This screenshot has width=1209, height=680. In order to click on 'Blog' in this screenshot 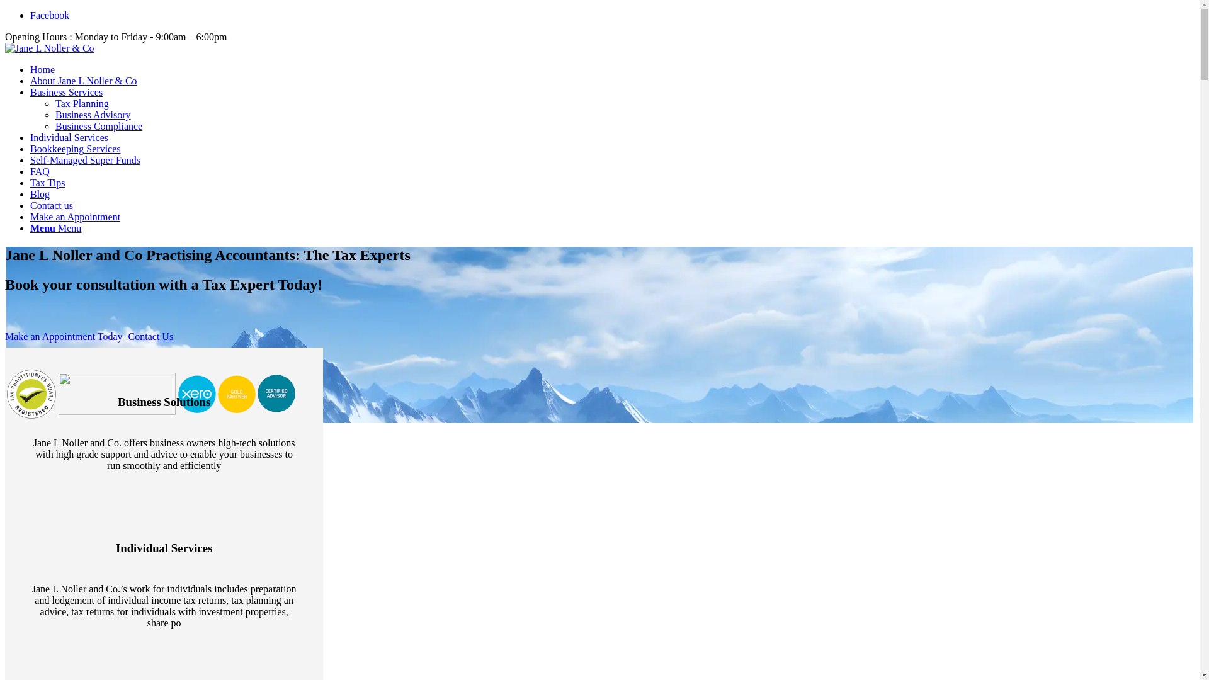, I will do `click(40, 194)`.